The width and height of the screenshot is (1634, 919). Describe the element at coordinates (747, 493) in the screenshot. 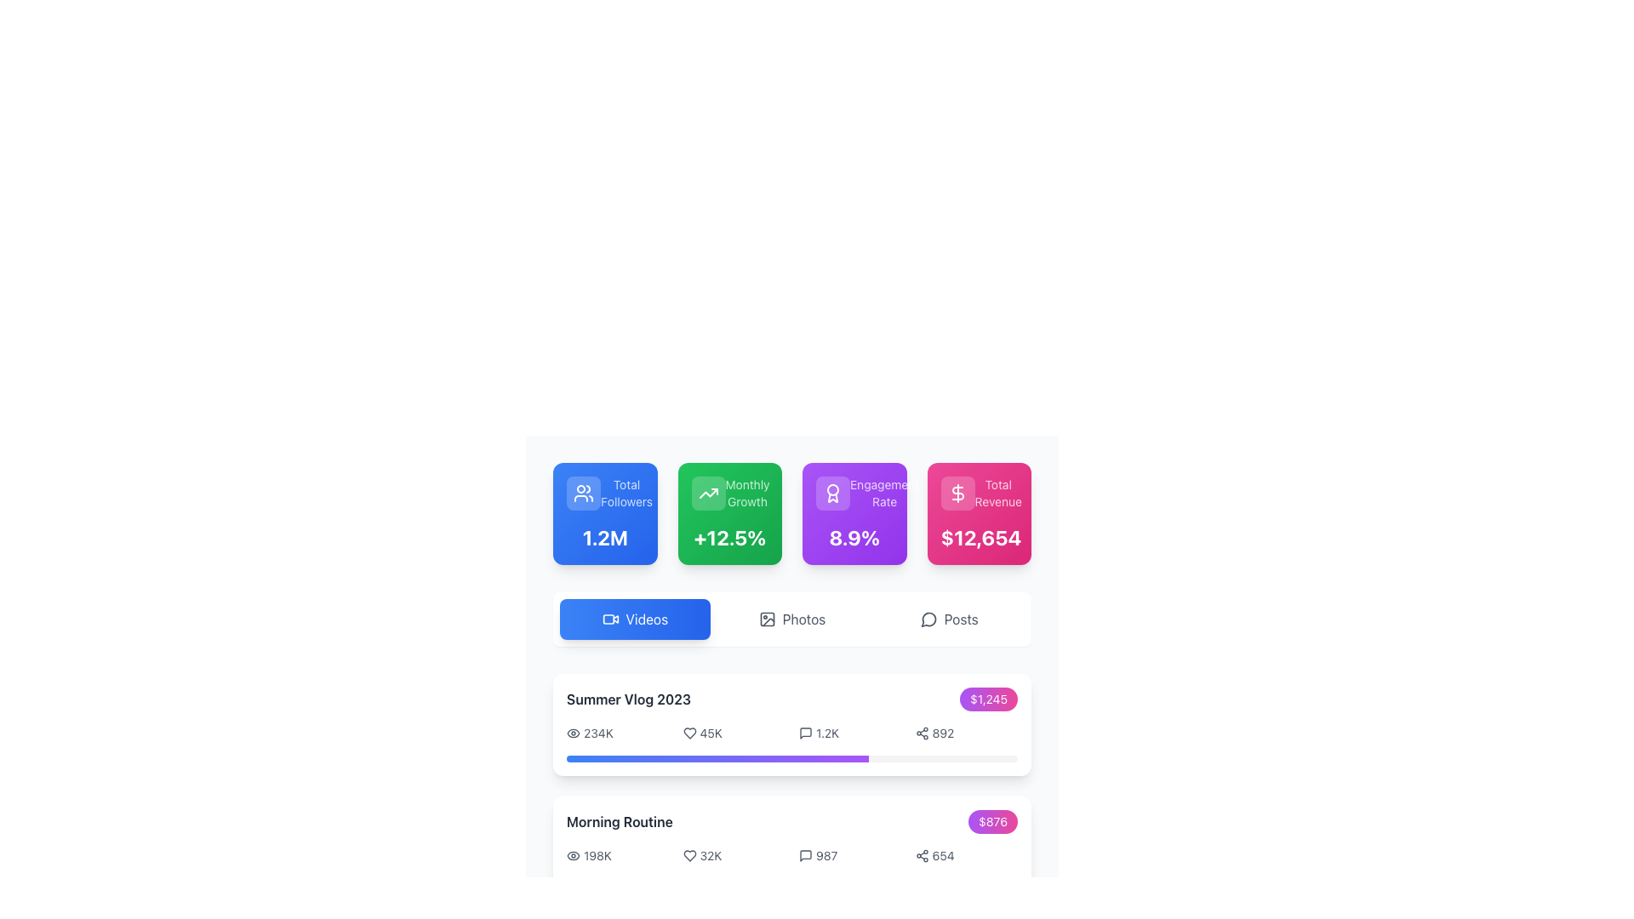

I see `the static text label that indicates 'Monthly Growth', which is located above the number '+12.5%' in the green card, positioned between the blue card 'Total Followers' and the purple card 'Engagement Rate'` at that location.